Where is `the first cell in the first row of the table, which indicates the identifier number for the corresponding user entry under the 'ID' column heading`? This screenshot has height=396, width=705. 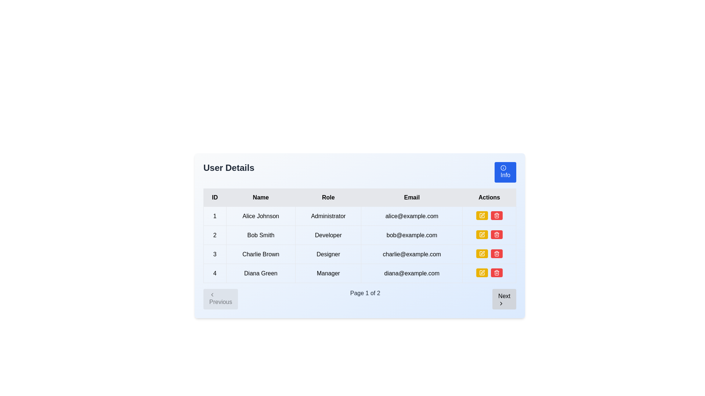 the first cell in the first row of the table, which indicates the identifier number for the corresponding user entry under the 'ID' column heading is located at coordinates (214, 216).